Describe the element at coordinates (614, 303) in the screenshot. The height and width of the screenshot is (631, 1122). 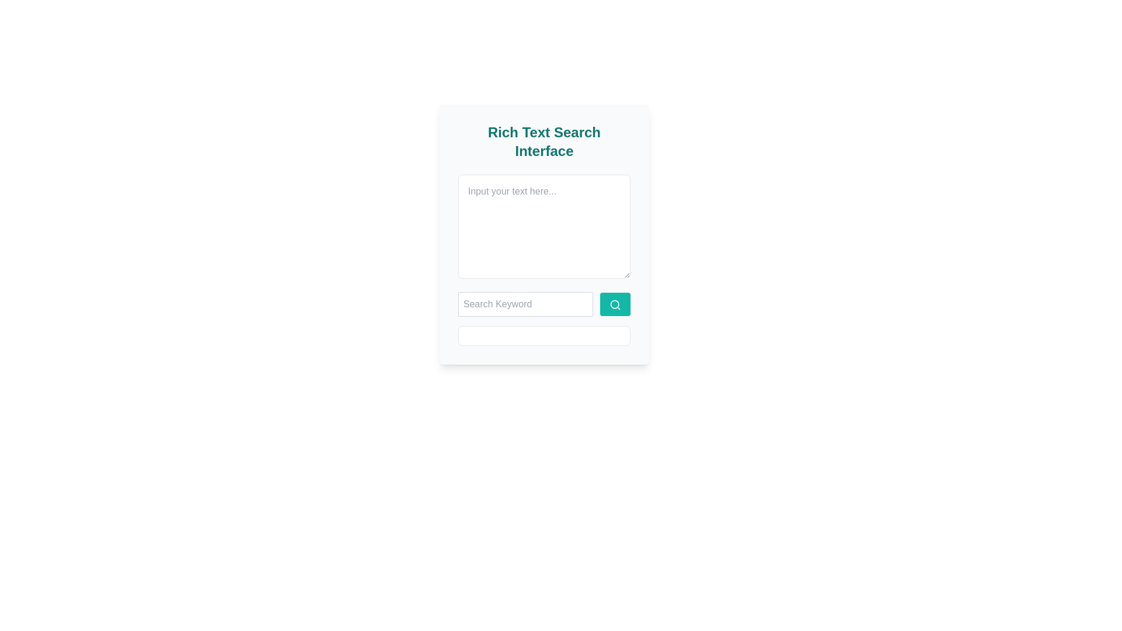
I see `the teal button with a search icon located immediately to the right of the 'Search Keyword' input field to initiate a search` at that location.